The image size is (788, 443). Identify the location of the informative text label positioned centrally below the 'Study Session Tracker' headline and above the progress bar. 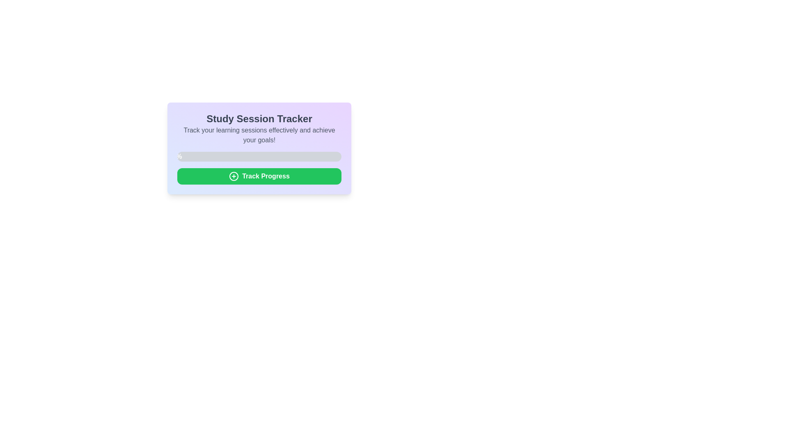
(259, 135).